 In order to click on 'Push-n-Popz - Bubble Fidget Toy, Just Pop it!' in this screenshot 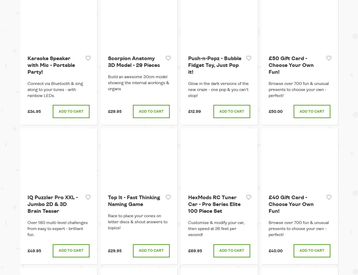, I will do `click(214, 65)`.